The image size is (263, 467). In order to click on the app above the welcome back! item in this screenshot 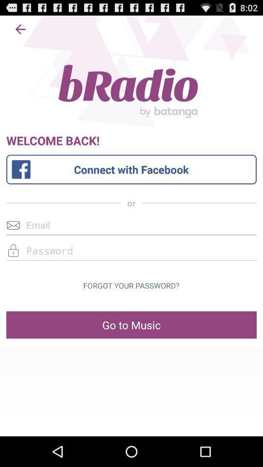, I will do `click(20, 29)`.